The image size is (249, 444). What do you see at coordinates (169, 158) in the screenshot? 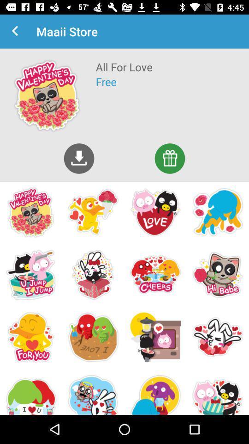
I see `the gift icon` at bounding box center [169, 158].